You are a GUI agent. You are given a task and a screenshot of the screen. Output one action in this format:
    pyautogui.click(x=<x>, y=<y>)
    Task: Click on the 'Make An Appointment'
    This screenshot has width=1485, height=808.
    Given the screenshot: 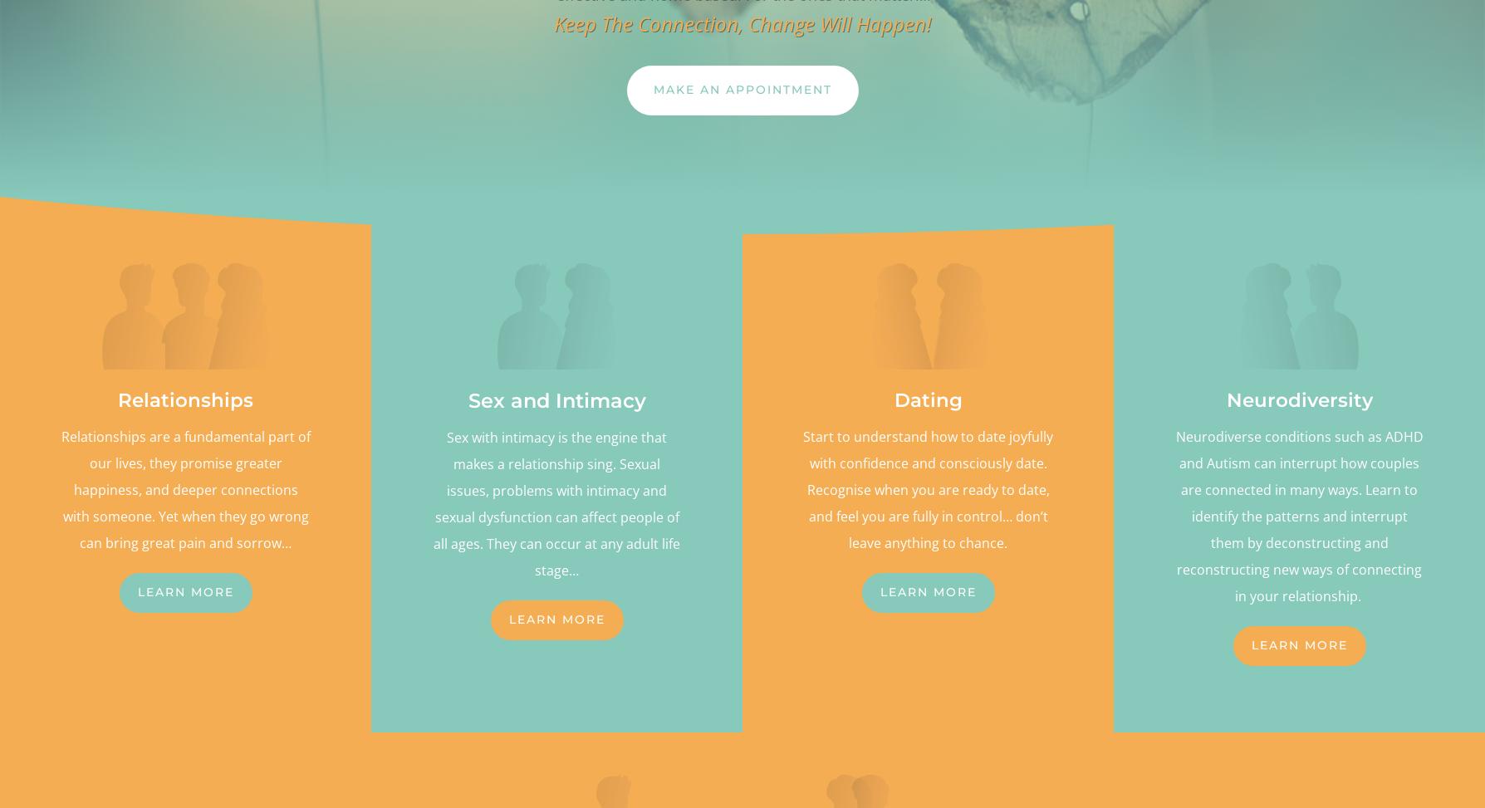 What is the action you would take?
    pyautogui.click(x=652, y=88)
    